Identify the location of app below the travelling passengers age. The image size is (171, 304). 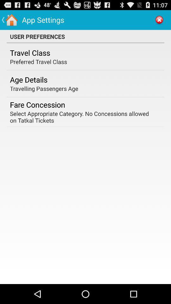
(37, 104).